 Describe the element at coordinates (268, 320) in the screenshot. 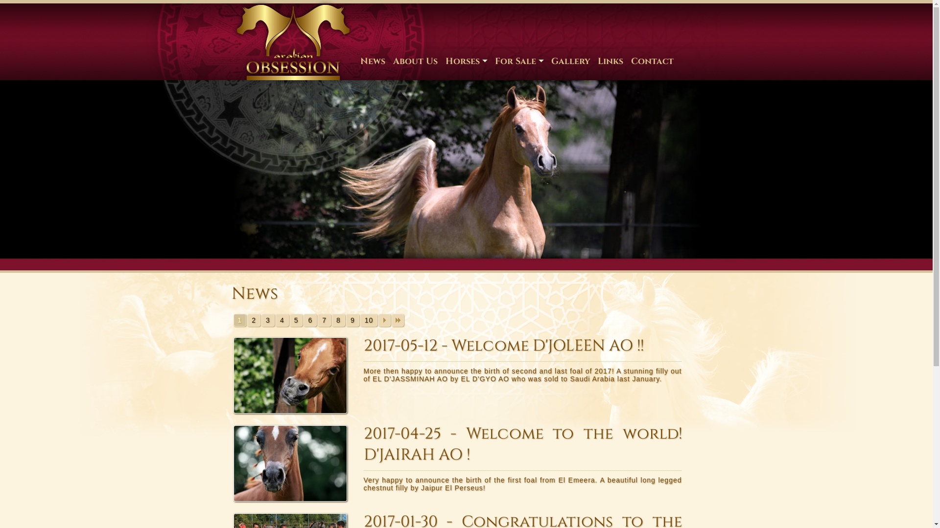

I see `'3'` at that location.